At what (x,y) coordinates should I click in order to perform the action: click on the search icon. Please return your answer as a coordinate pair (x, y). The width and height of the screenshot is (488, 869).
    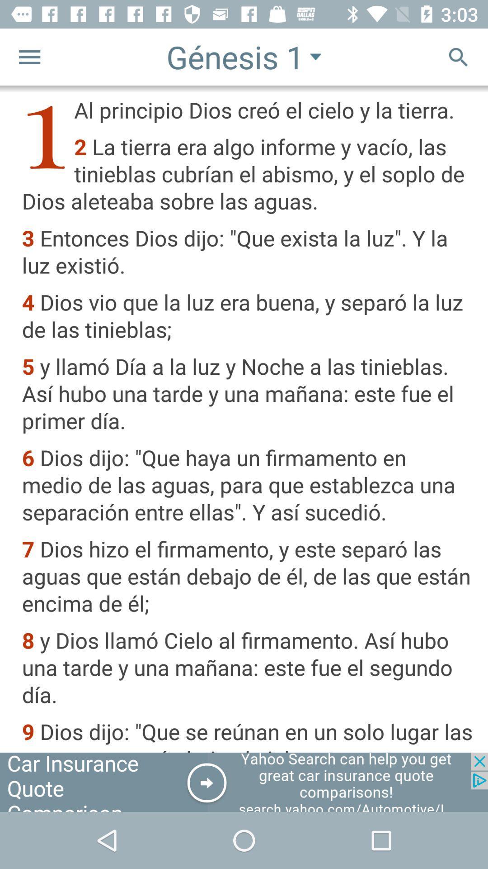
    Looking at the image, I should click on (458, 56).